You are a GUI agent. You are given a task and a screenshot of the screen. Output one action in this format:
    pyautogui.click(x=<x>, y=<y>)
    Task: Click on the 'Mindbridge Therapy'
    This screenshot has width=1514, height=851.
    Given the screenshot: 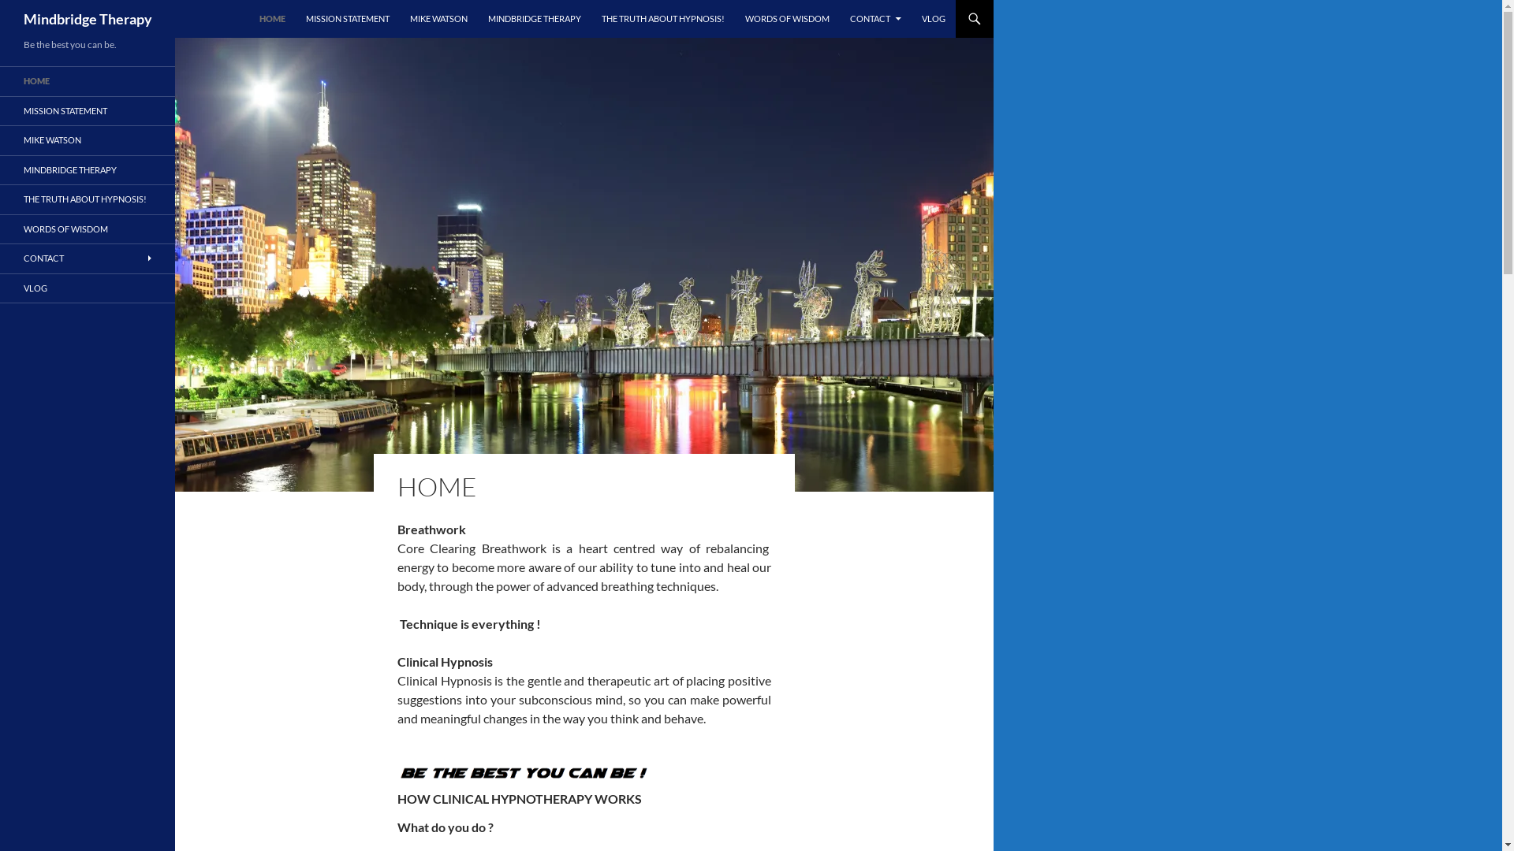 What is the action you would take?
    pyautogui.click(x=23, y=18)
    